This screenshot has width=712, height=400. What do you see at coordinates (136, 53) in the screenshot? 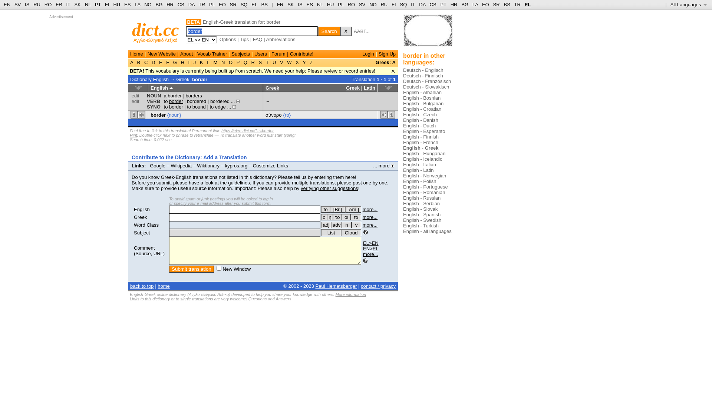
I see `'Home'` at bounding box center [136, 53].